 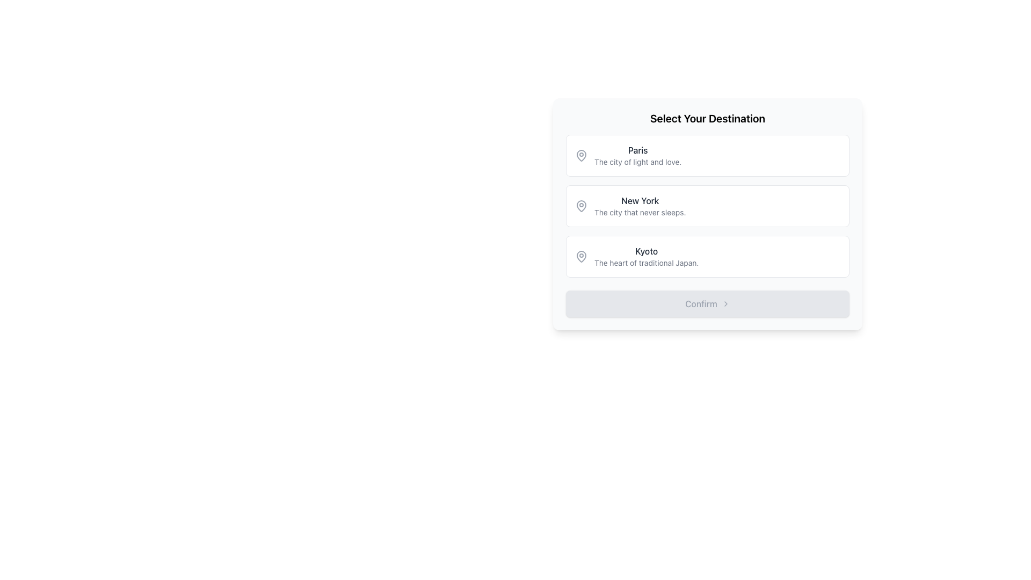 I want to click on the map pin icon that denotes the location for 'New York', which is positioned to the left of the text 'New York', so click(x=581, y=206).